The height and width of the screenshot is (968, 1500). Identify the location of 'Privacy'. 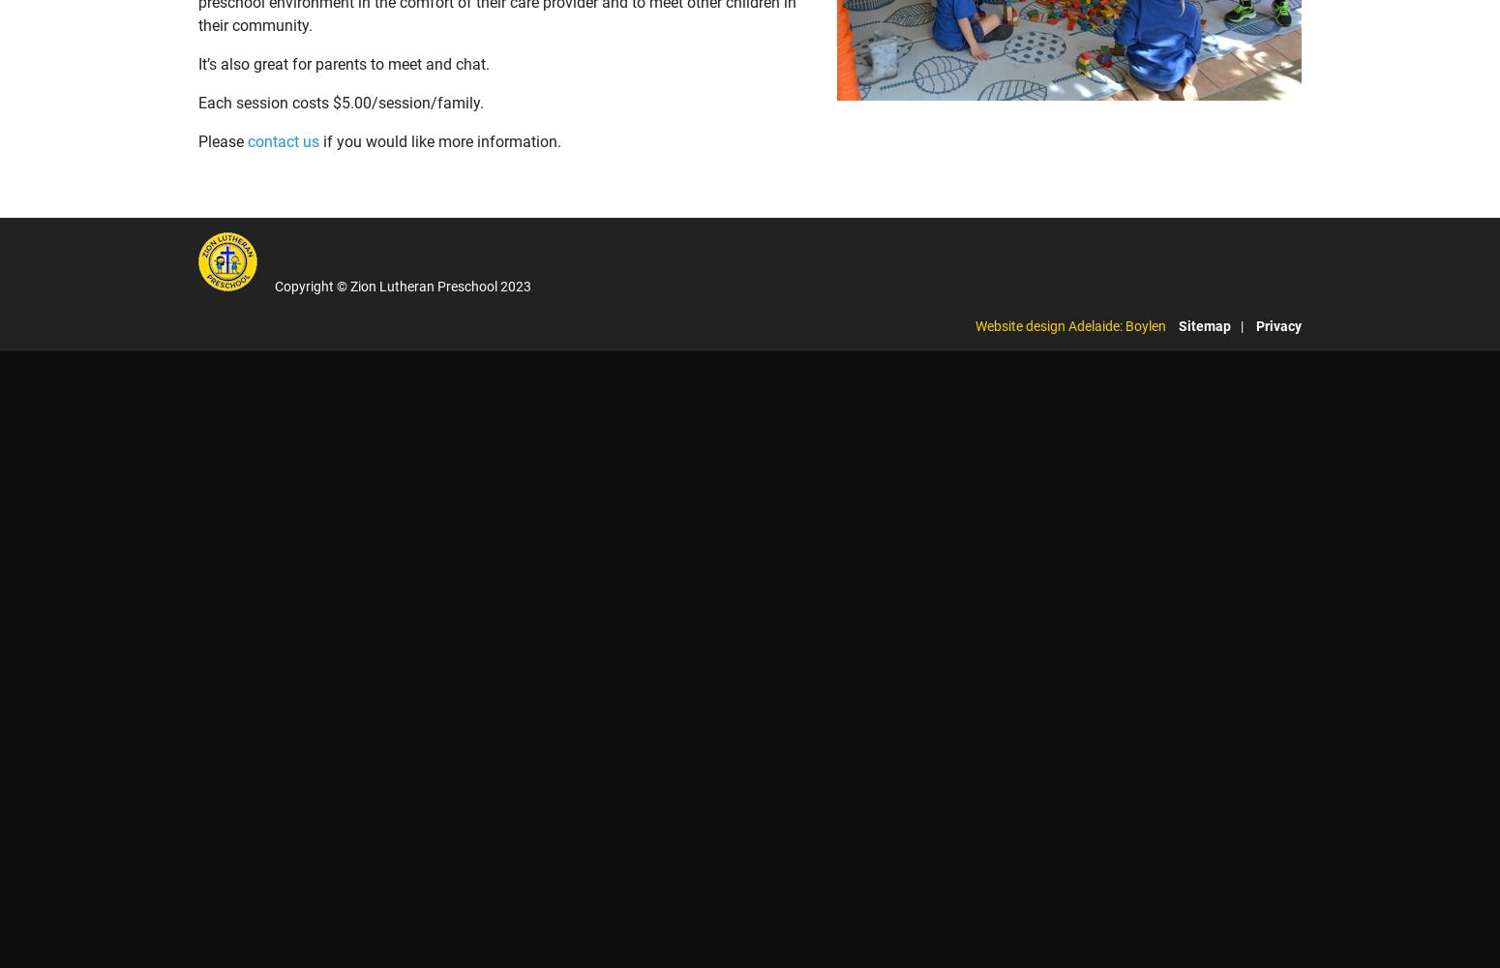
(1278, 324).